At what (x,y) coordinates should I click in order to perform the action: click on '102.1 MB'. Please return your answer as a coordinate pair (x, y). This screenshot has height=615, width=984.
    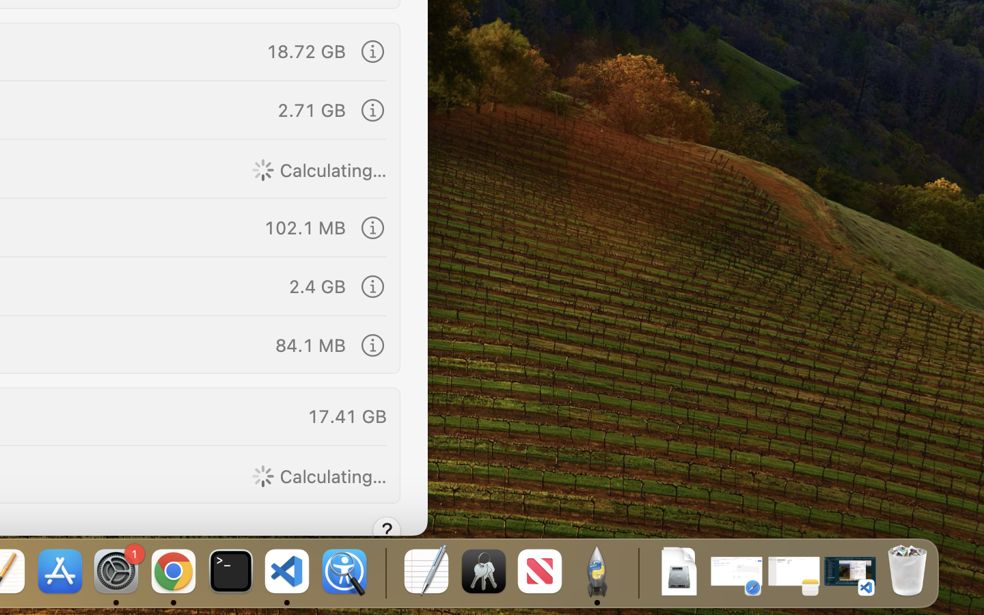
    Looking at the image, I should click on (304, 226).